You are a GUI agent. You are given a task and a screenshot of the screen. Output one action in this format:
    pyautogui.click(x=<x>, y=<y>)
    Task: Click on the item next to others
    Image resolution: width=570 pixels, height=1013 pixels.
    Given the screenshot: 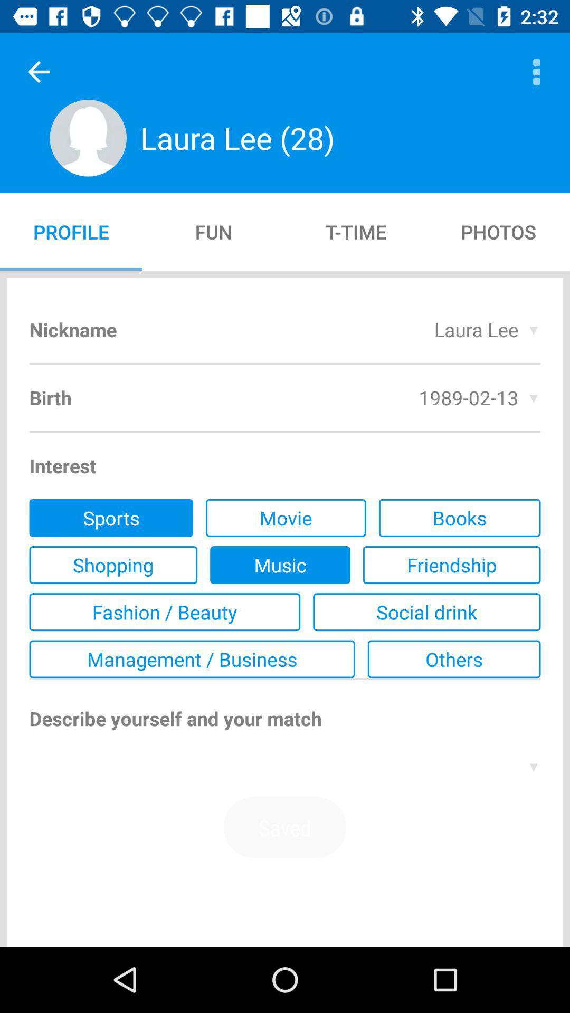 What is the action you would take?
    pyautogui.click(x=192, y=658)
    